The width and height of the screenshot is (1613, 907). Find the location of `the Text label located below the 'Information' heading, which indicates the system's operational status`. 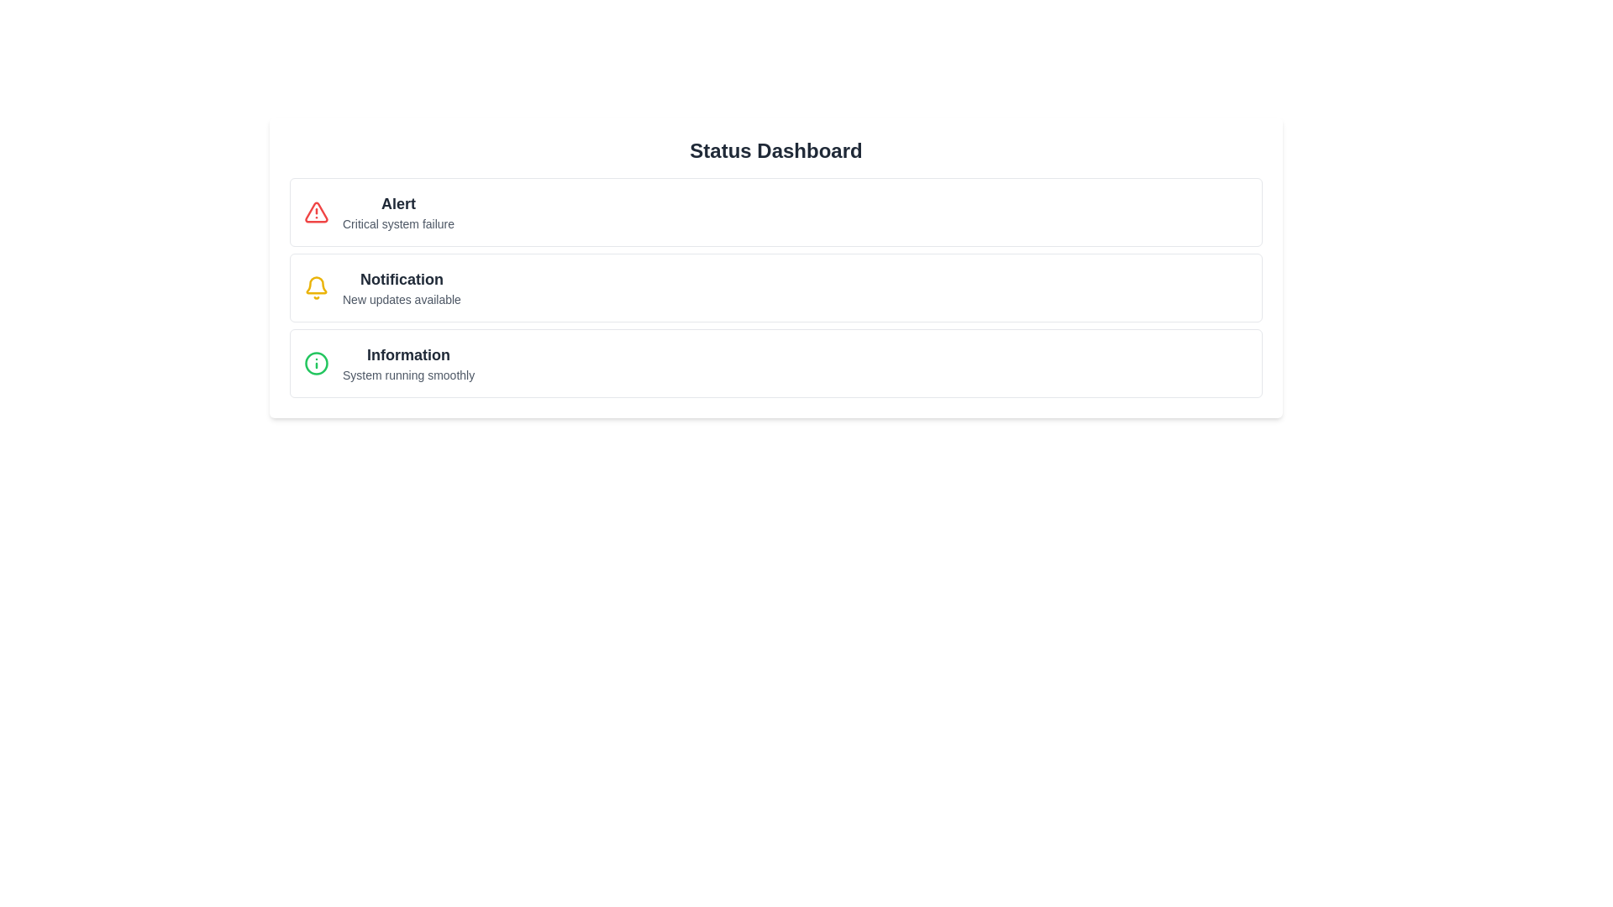

the Text label located below the 'Information' heading, which indicates the system's operational status is located at coordinates (408, 375).